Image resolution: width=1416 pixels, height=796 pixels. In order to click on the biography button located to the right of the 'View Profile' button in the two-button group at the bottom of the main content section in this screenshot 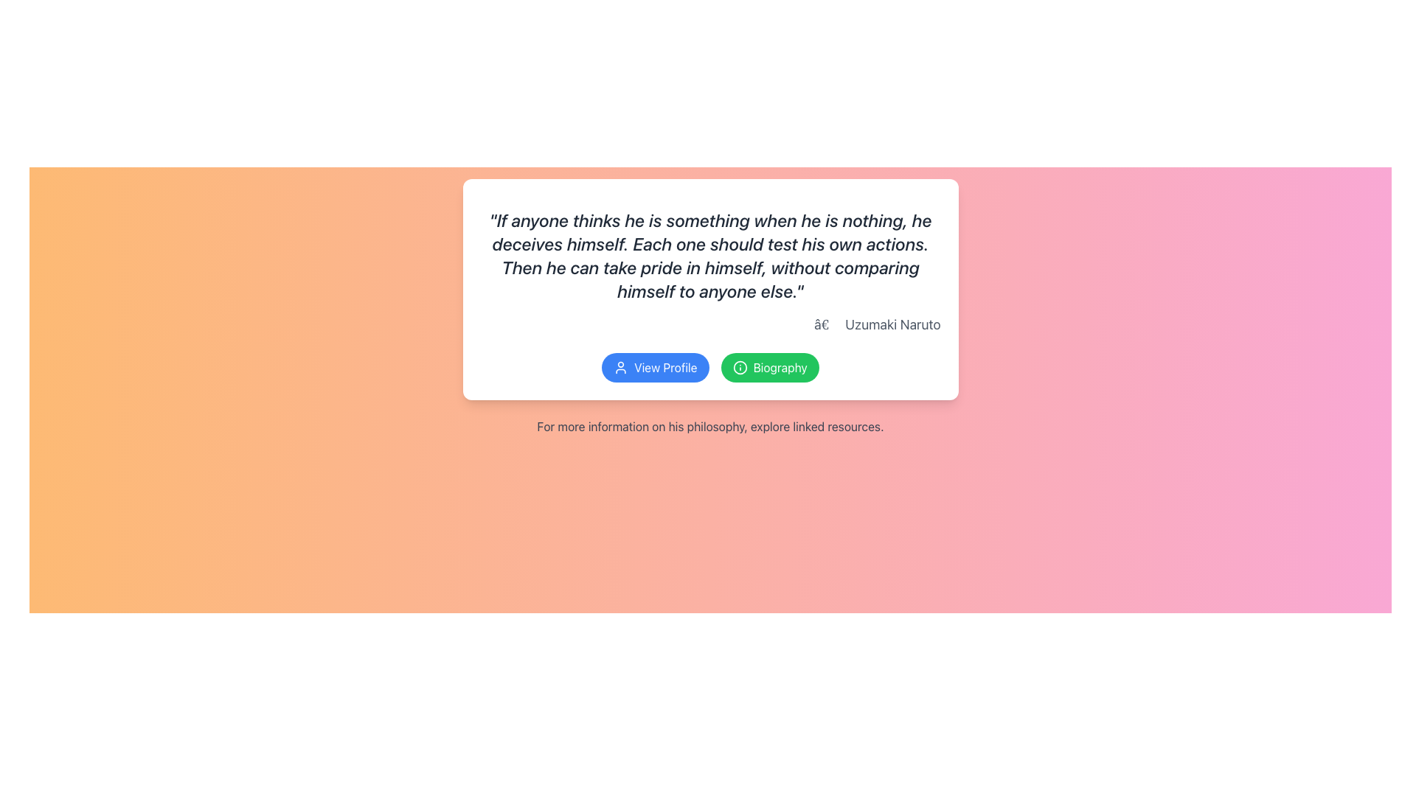, I will do `click(769, 366)`.